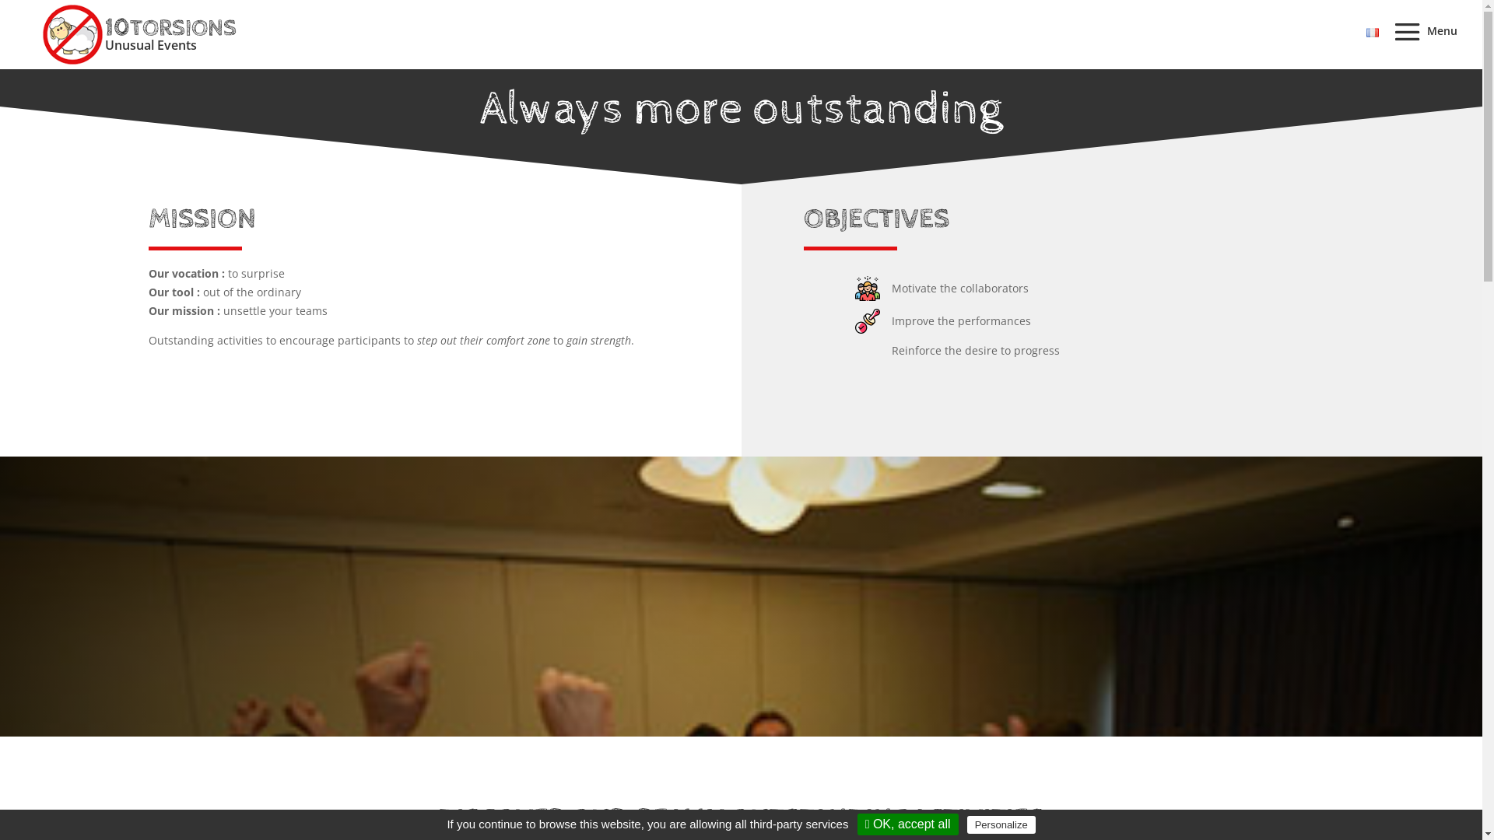  Describe the element at coordinates (1001, 824) in the screenshot. I see `'Personalize'` at that location.